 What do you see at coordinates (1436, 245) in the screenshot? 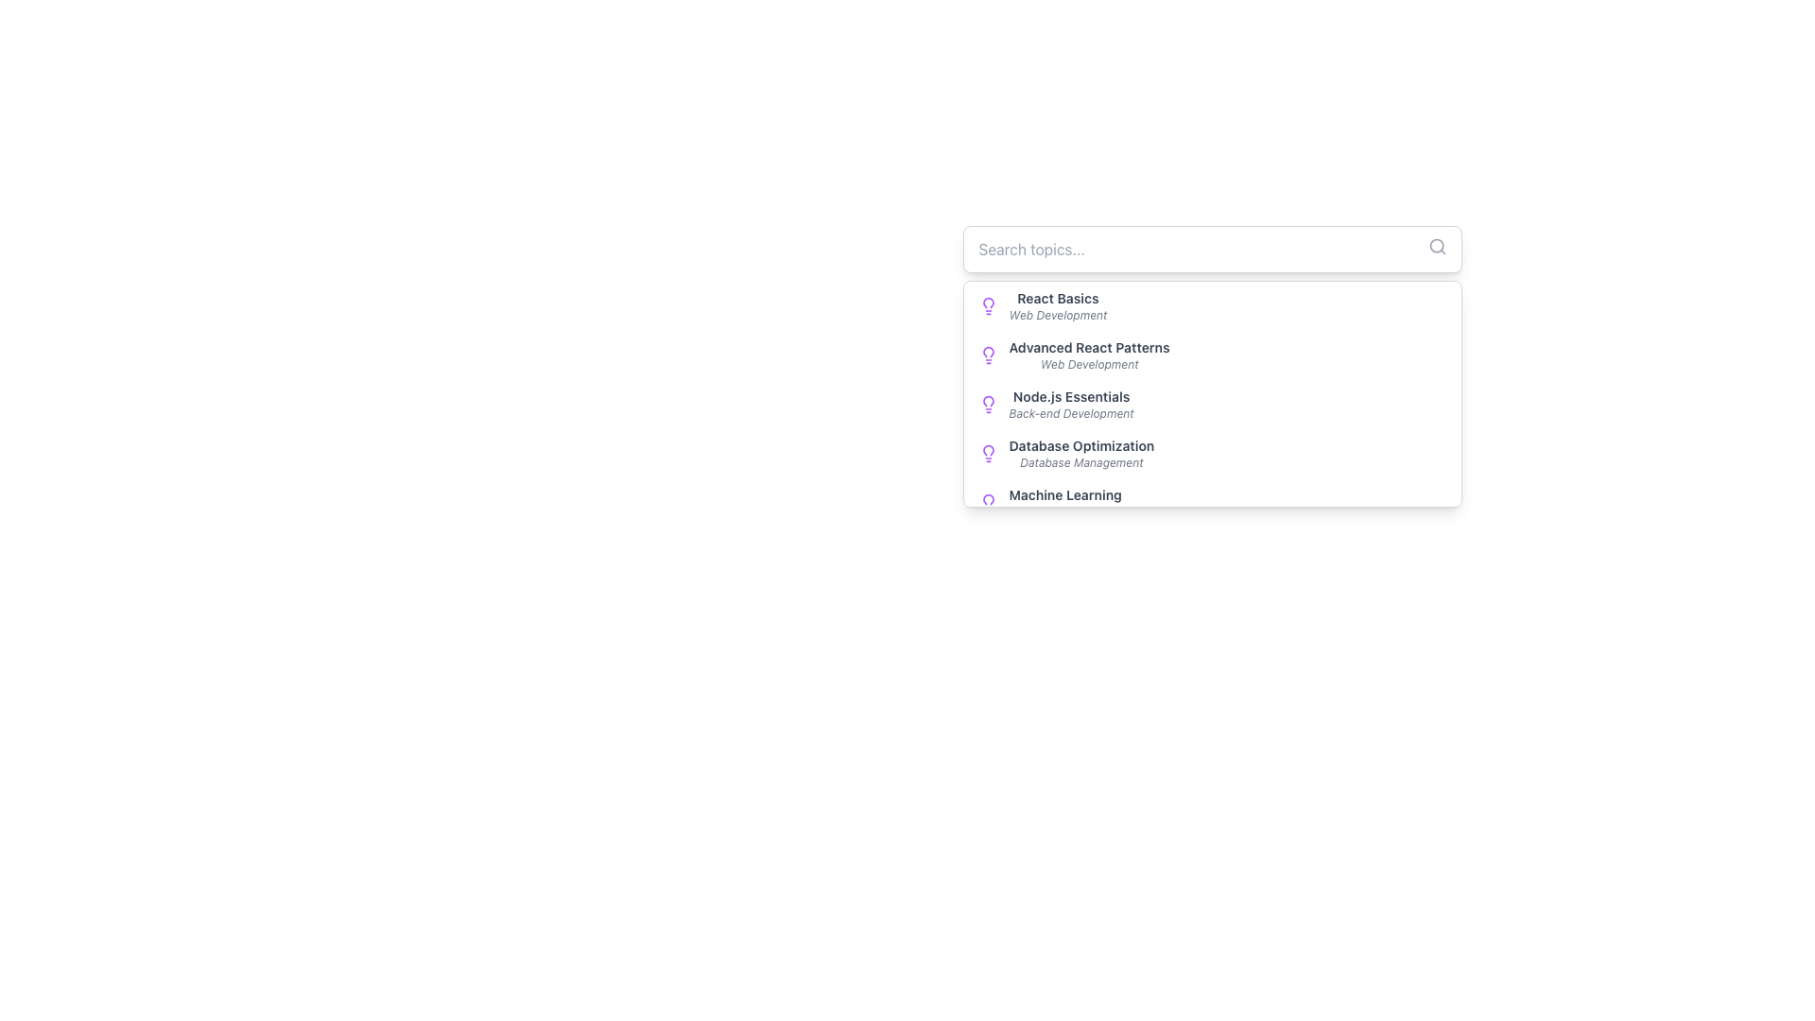
I see `the decorative circle that forms part of the magnifying glass search icon located near the top-right corner of the interface` at bounding box center [1436, 245].